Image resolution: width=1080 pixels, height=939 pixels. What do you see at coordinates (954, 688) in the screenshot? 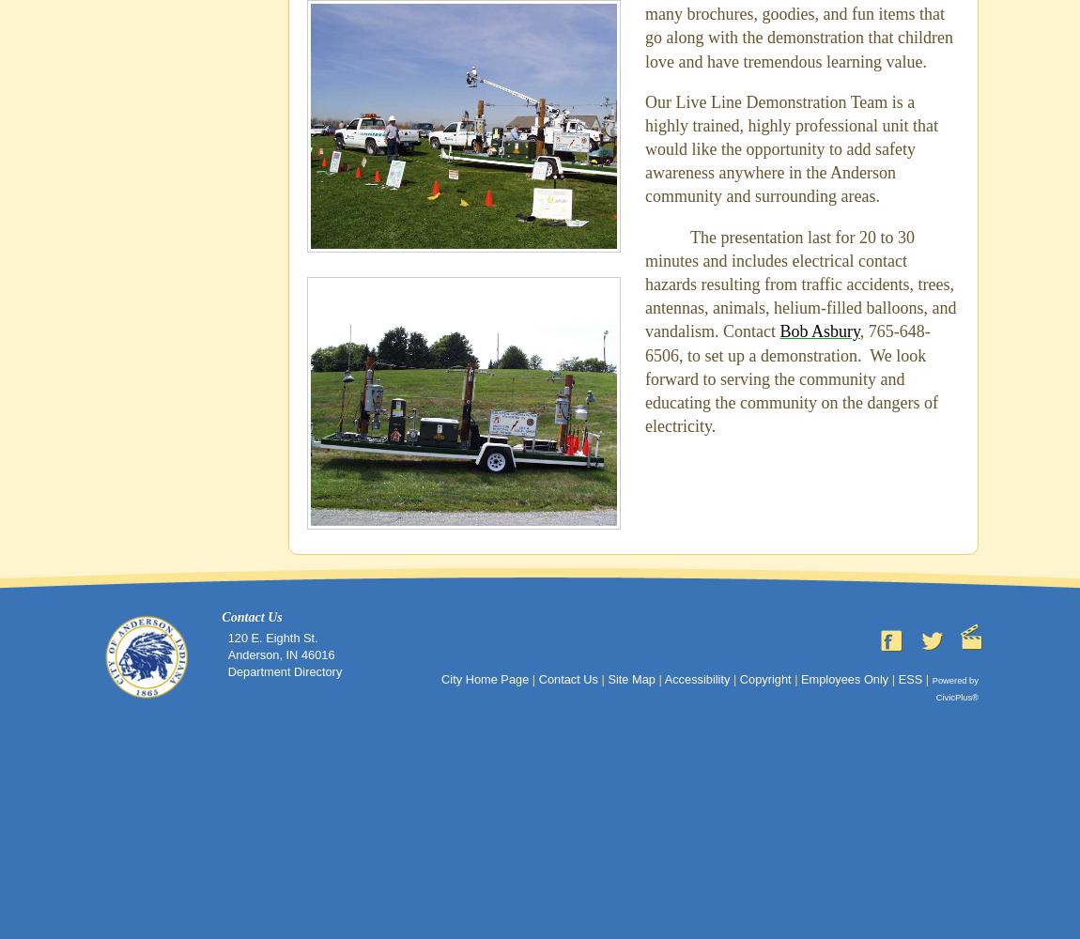
I see `'Powered by CivicPlus®'` at bounding box center [954, 688].